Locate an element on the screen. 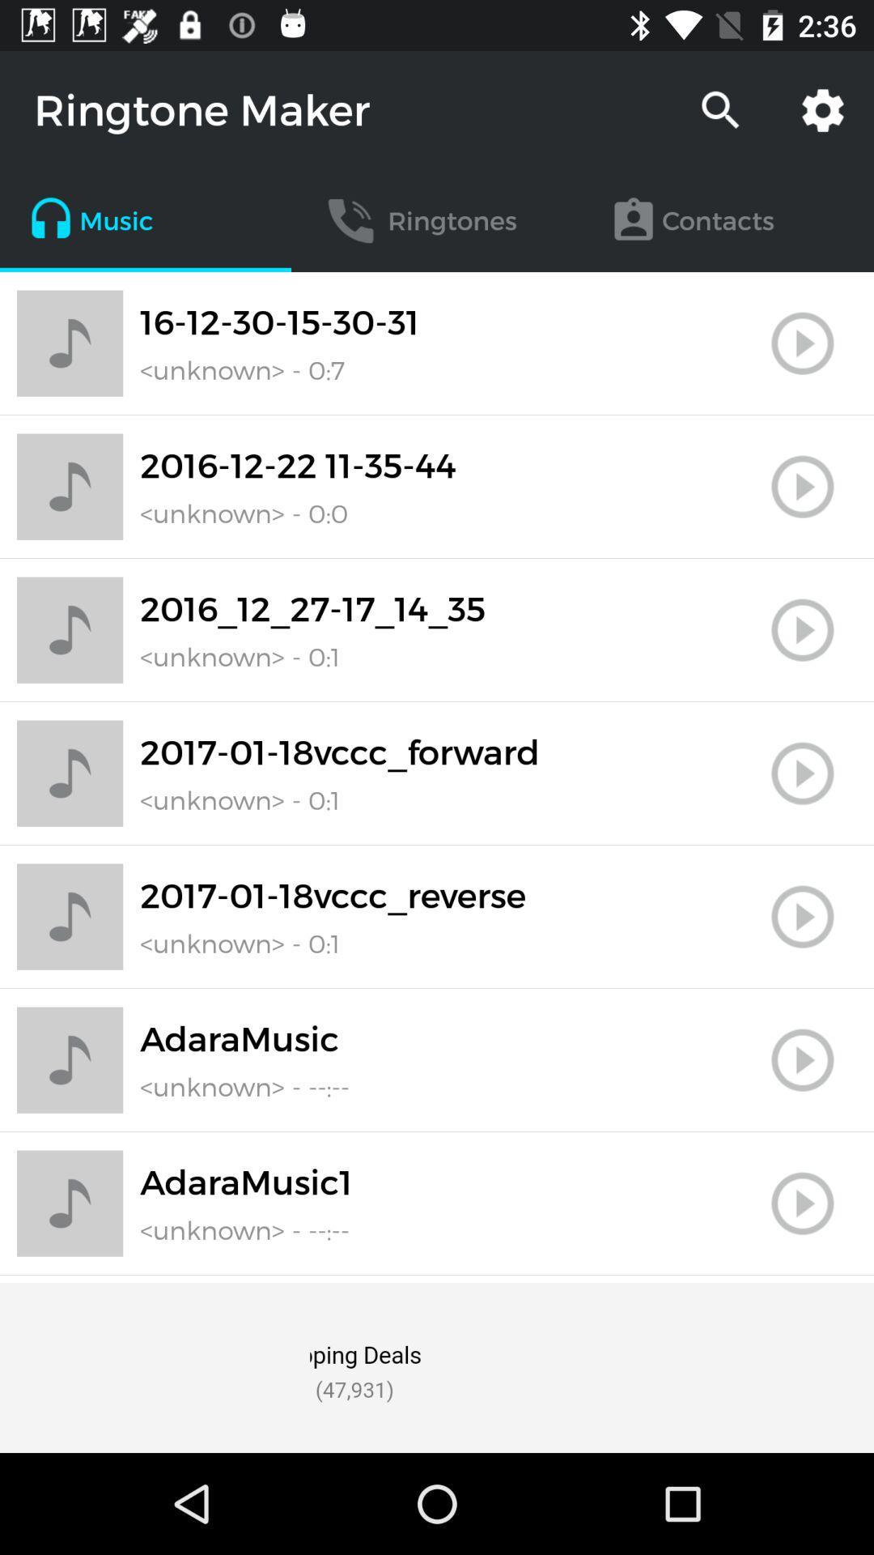  it is play key is located at coordinates (802, 343).